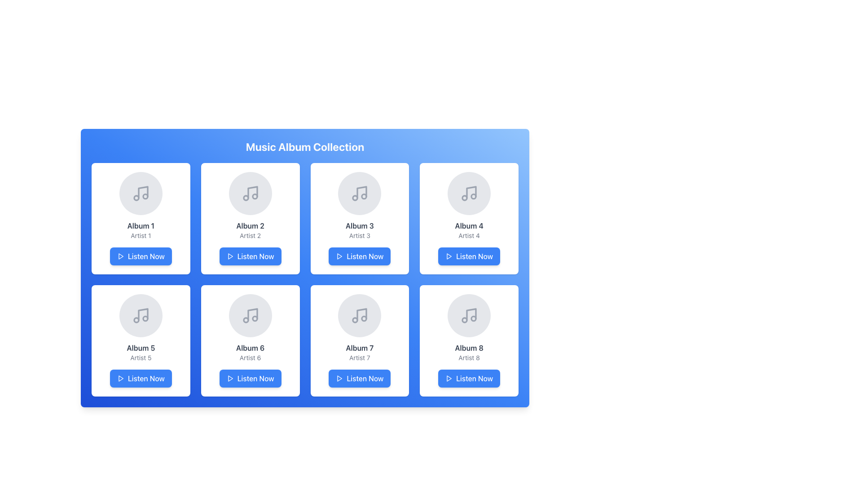  Describe the element at coordinates (120, 379) in the screenshot. I see `the play icon for the 'Listen Now' button located on the left side of the button within the album card for 'Album 5'` at that location.